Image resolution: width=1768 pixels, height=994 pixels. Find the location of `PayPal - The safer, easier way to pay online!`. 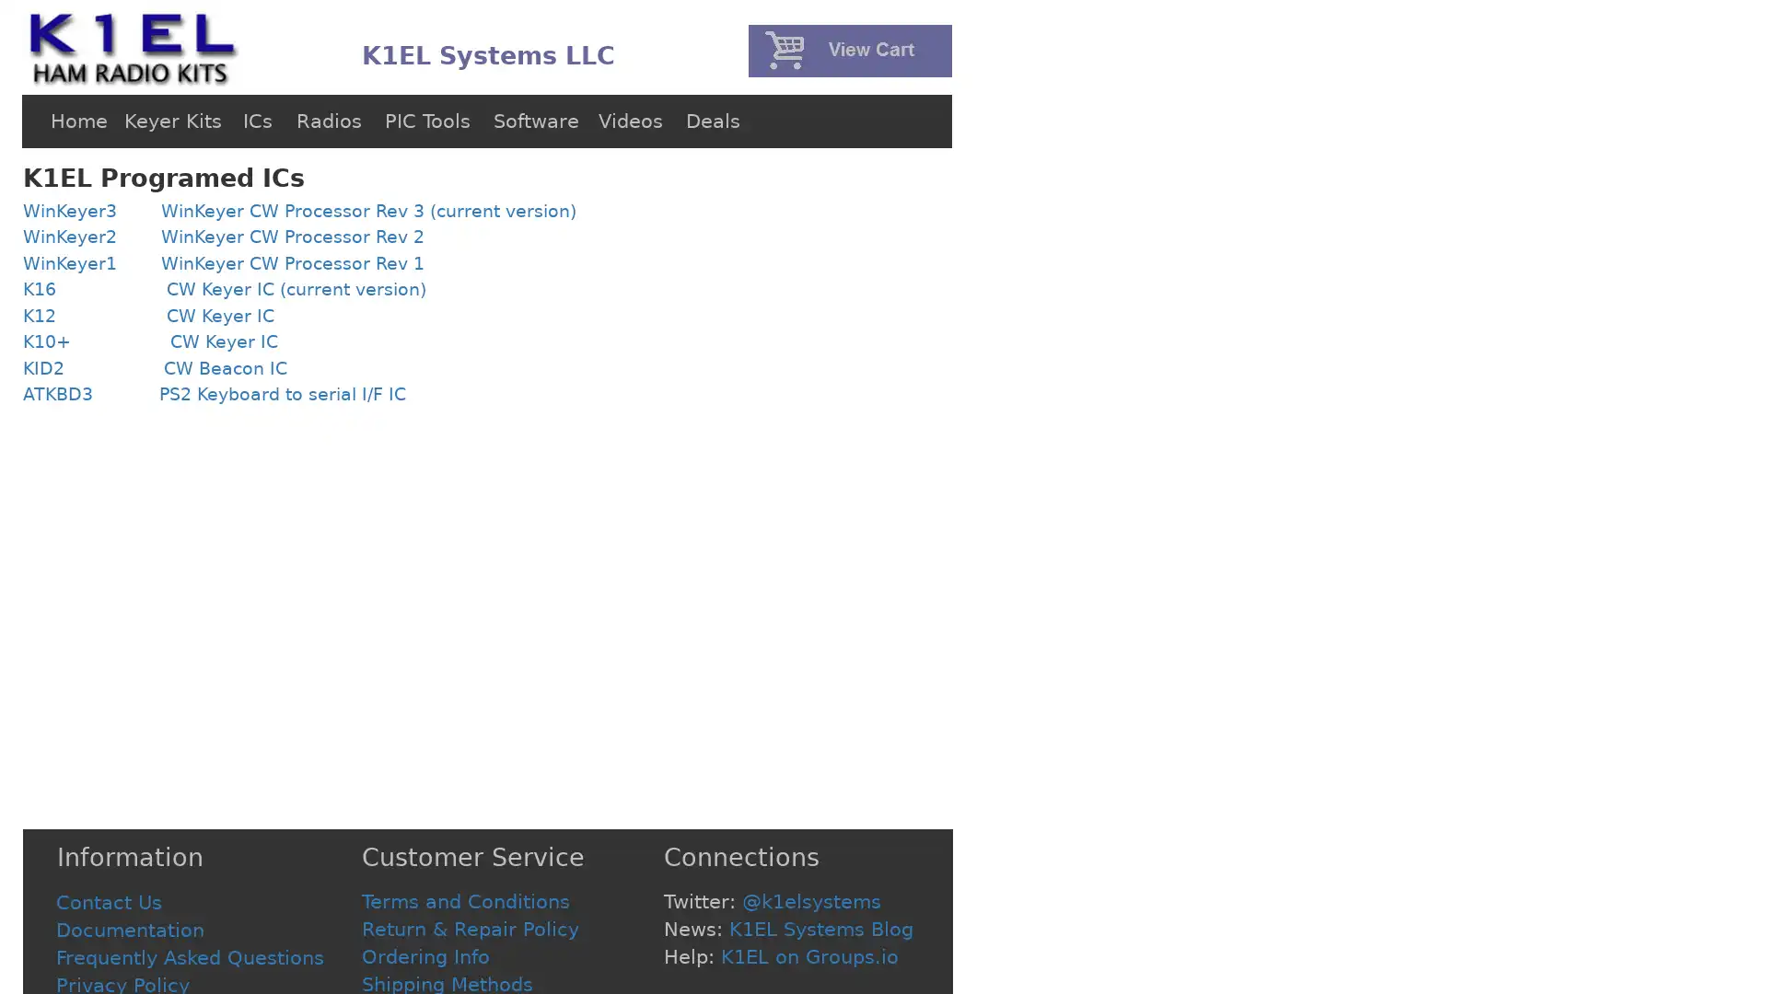

PayPal - The safer, easier way to pay online! is located at coordinates (849, 50).